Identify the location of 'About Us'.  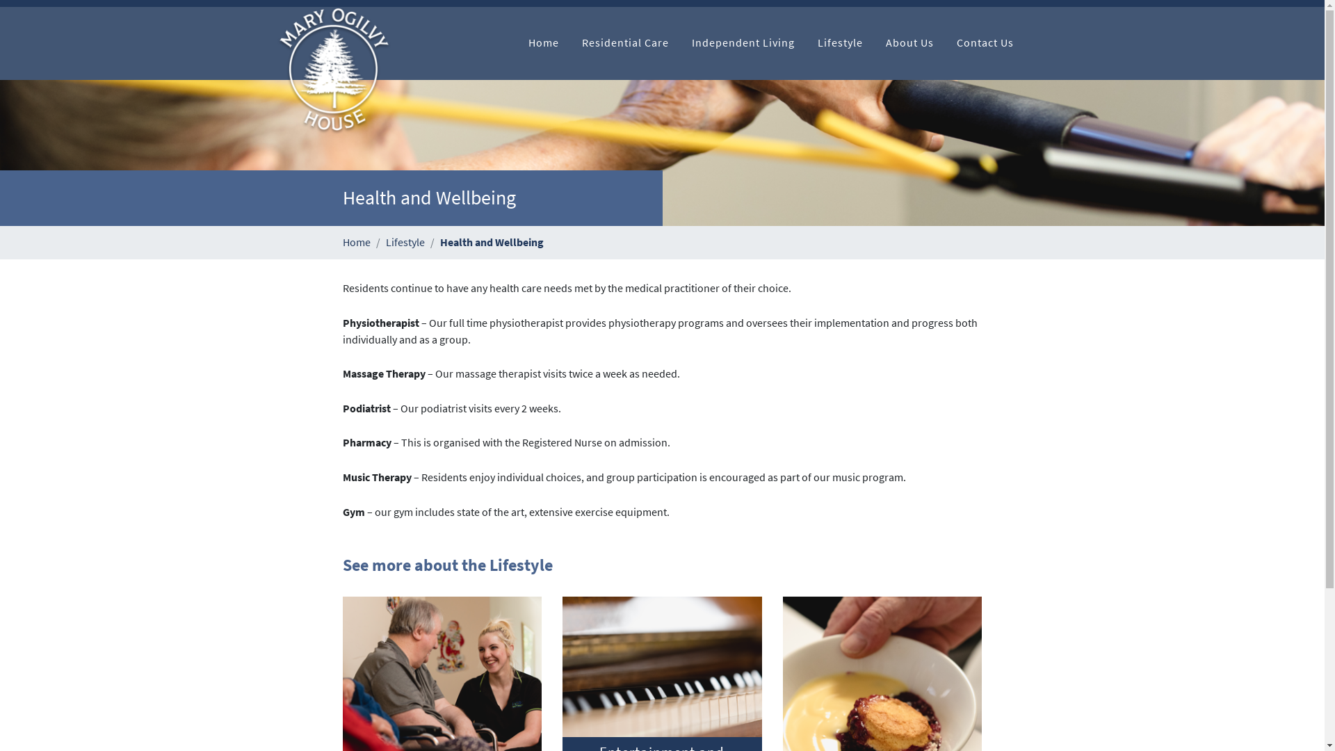
(873, 42).